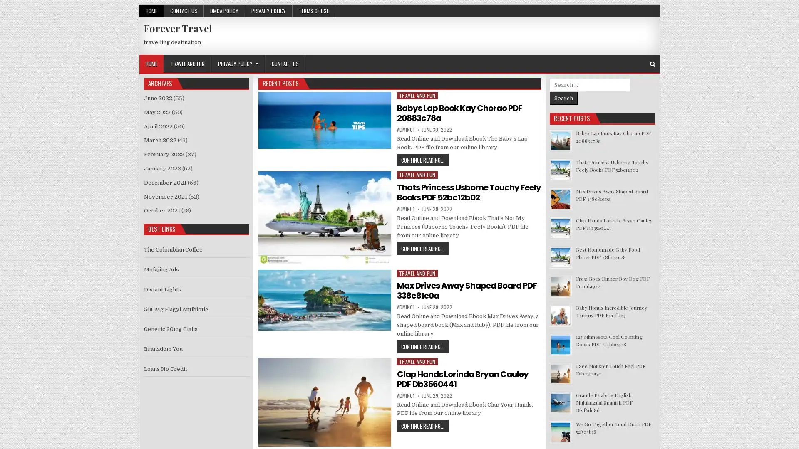 The width and height of the screenshot is (799, 449). Describe the element at coordinates (563, 98) in the screenshot. I see `Search` at that location.